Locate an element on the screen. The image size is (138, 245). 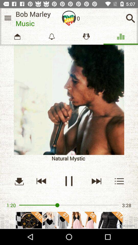
advertisement is located at coordinates (69, 220).